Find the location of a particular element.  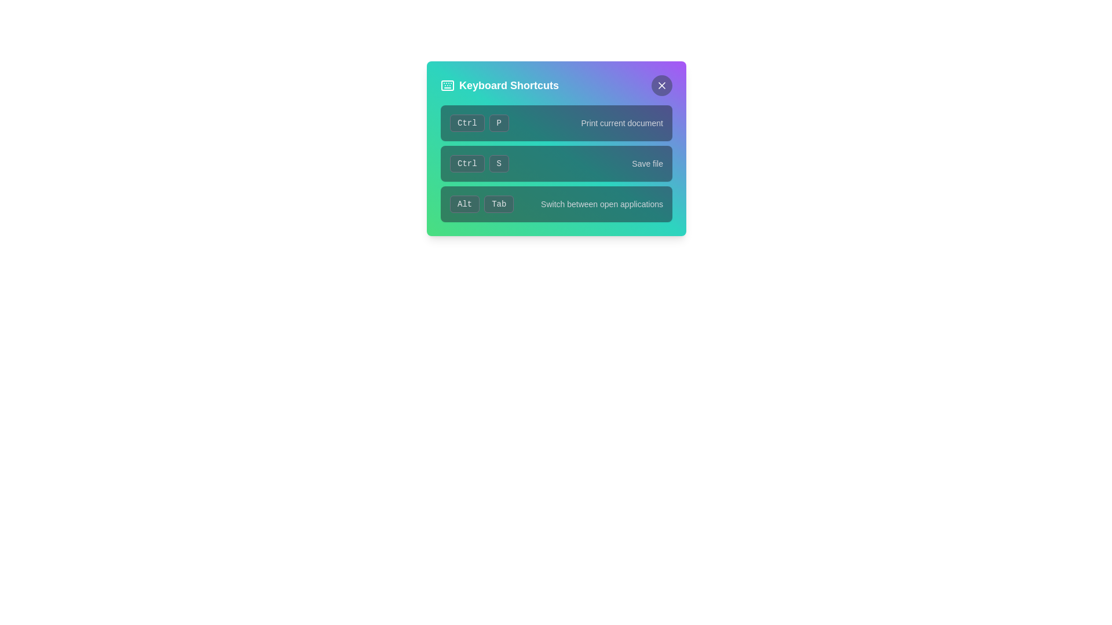

the Composite keyboard shortcut display, which consists of the 'Ctrl' and 'P' buttons with a gray background and rounded corners, positioned in the top-left of the keyboard shortcuts interface is located at coordinates (480, 123).